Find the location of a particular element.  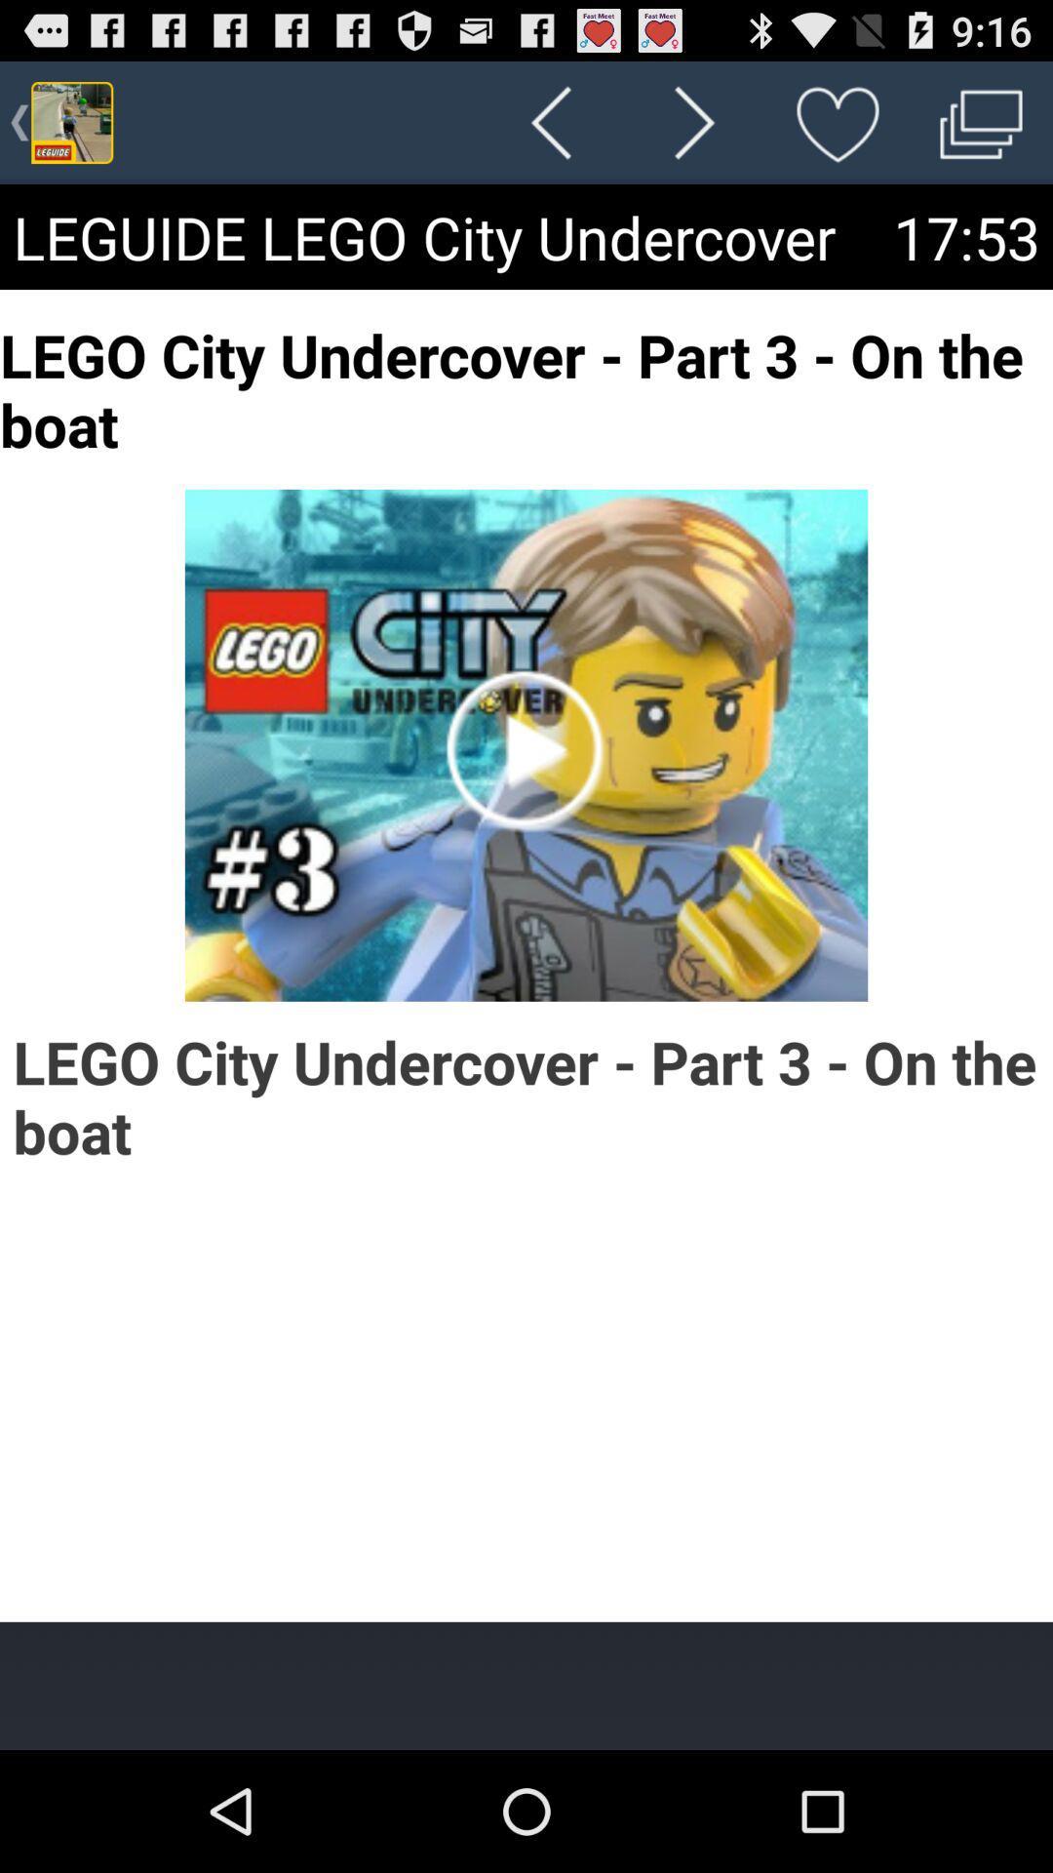

the icon above the leguide lego city icon is located at coordinates (551, 121).